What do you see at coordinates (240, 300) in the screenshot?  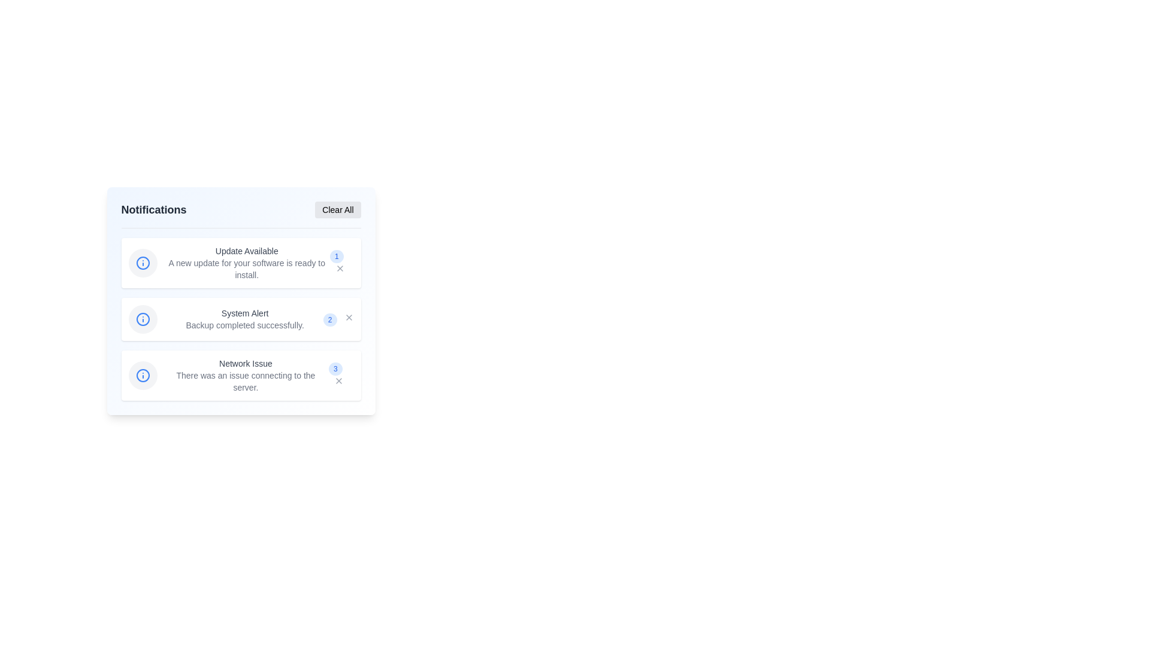 I see `the close buttons for each notification within the Notification panel, which is a rectangular section styled with a gradient from blue to white, containing three stacked notification cards` at bounding box center [240, 300].